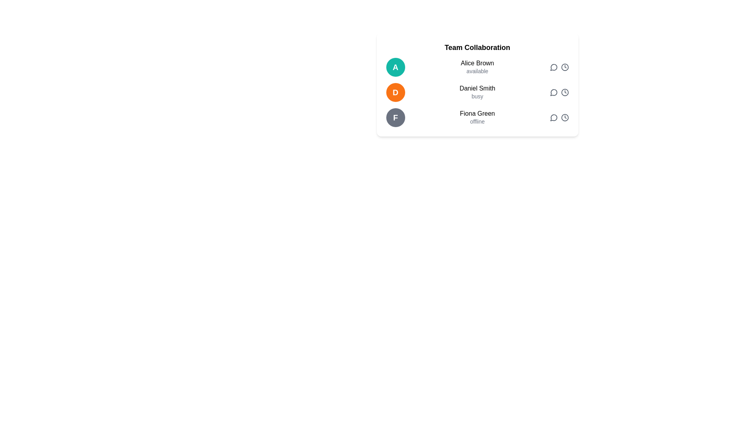 This screenshot has width=756, height=425. I want to click on the text label displaying 'Team Collaboration', which is styled in bold, black font and positioned at the top of a white card containing a list of individuals and their availability statuses, so click(477, 47).